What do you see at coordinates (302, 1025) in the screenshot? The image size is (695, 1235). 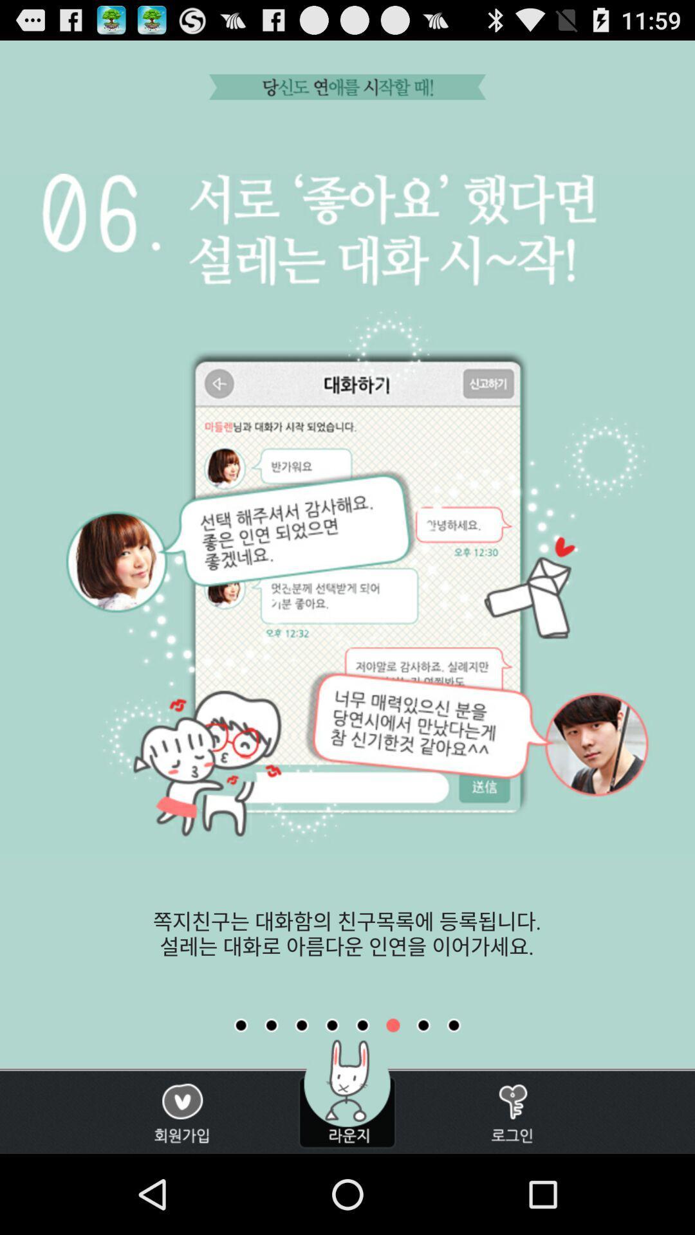 I see `page` at bounding box center [302, 1025].